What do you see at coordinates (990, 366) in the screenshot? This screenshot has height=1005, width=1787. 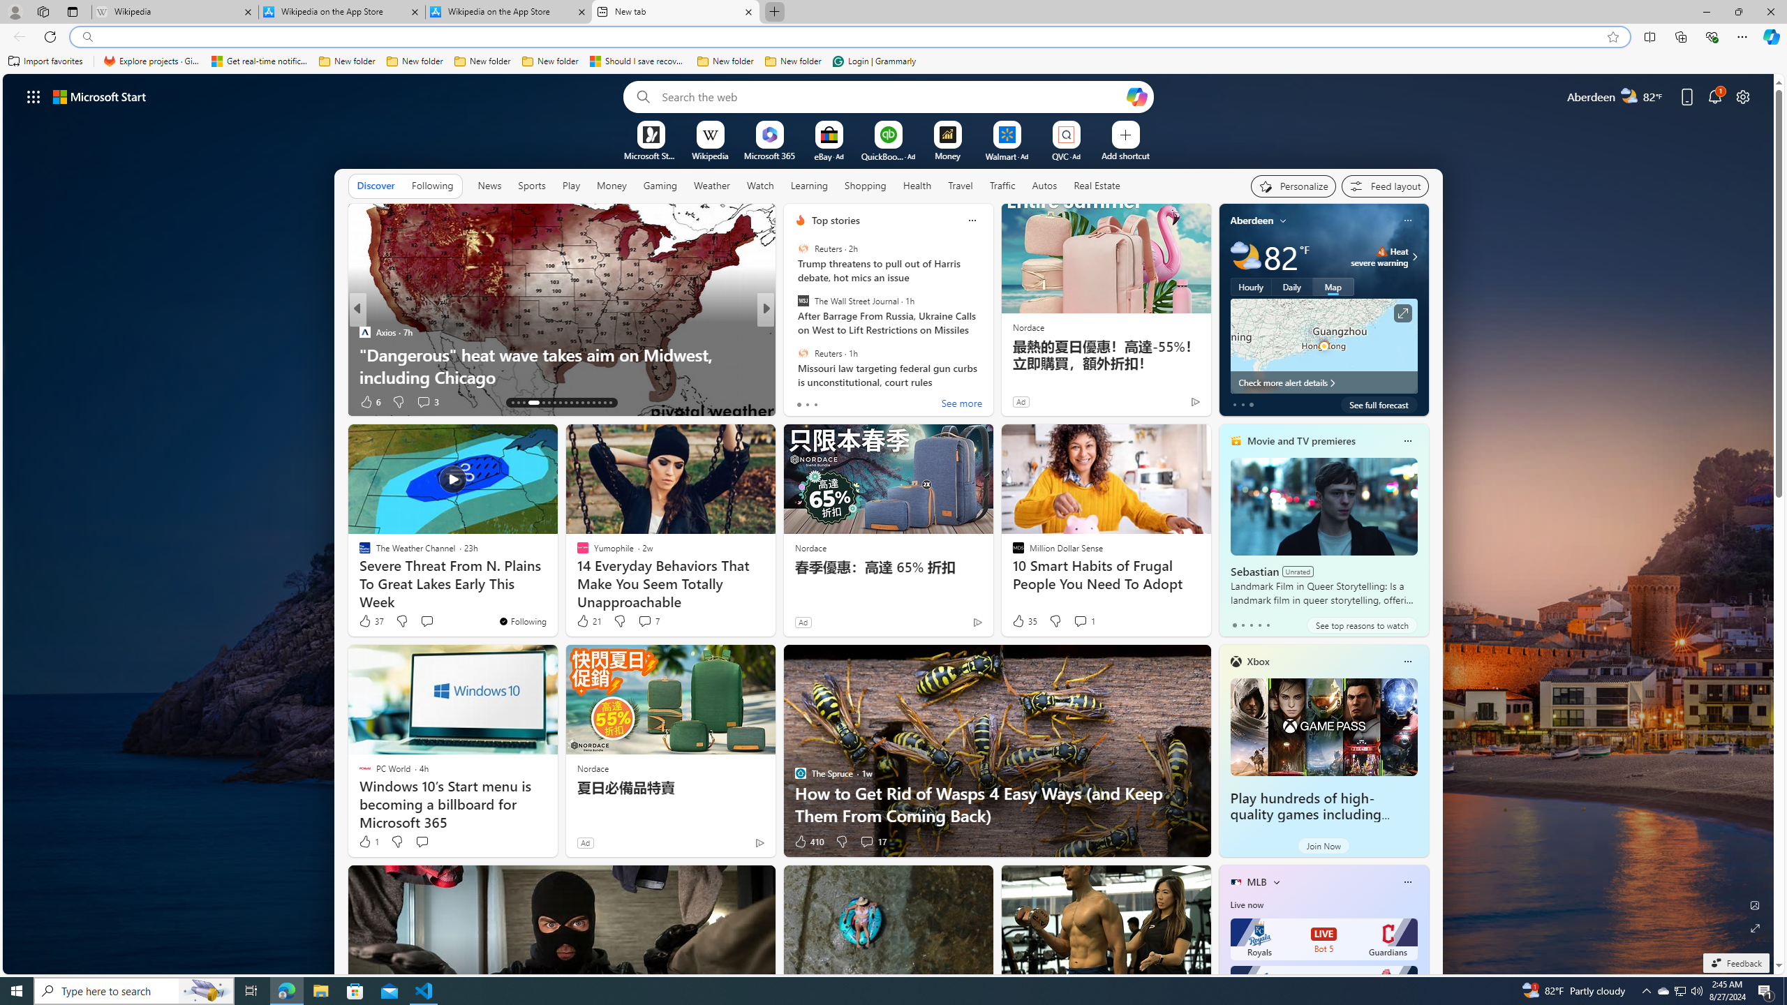 I see `'19 Famous Movie Lines You'` at bounding box center [990, 366].